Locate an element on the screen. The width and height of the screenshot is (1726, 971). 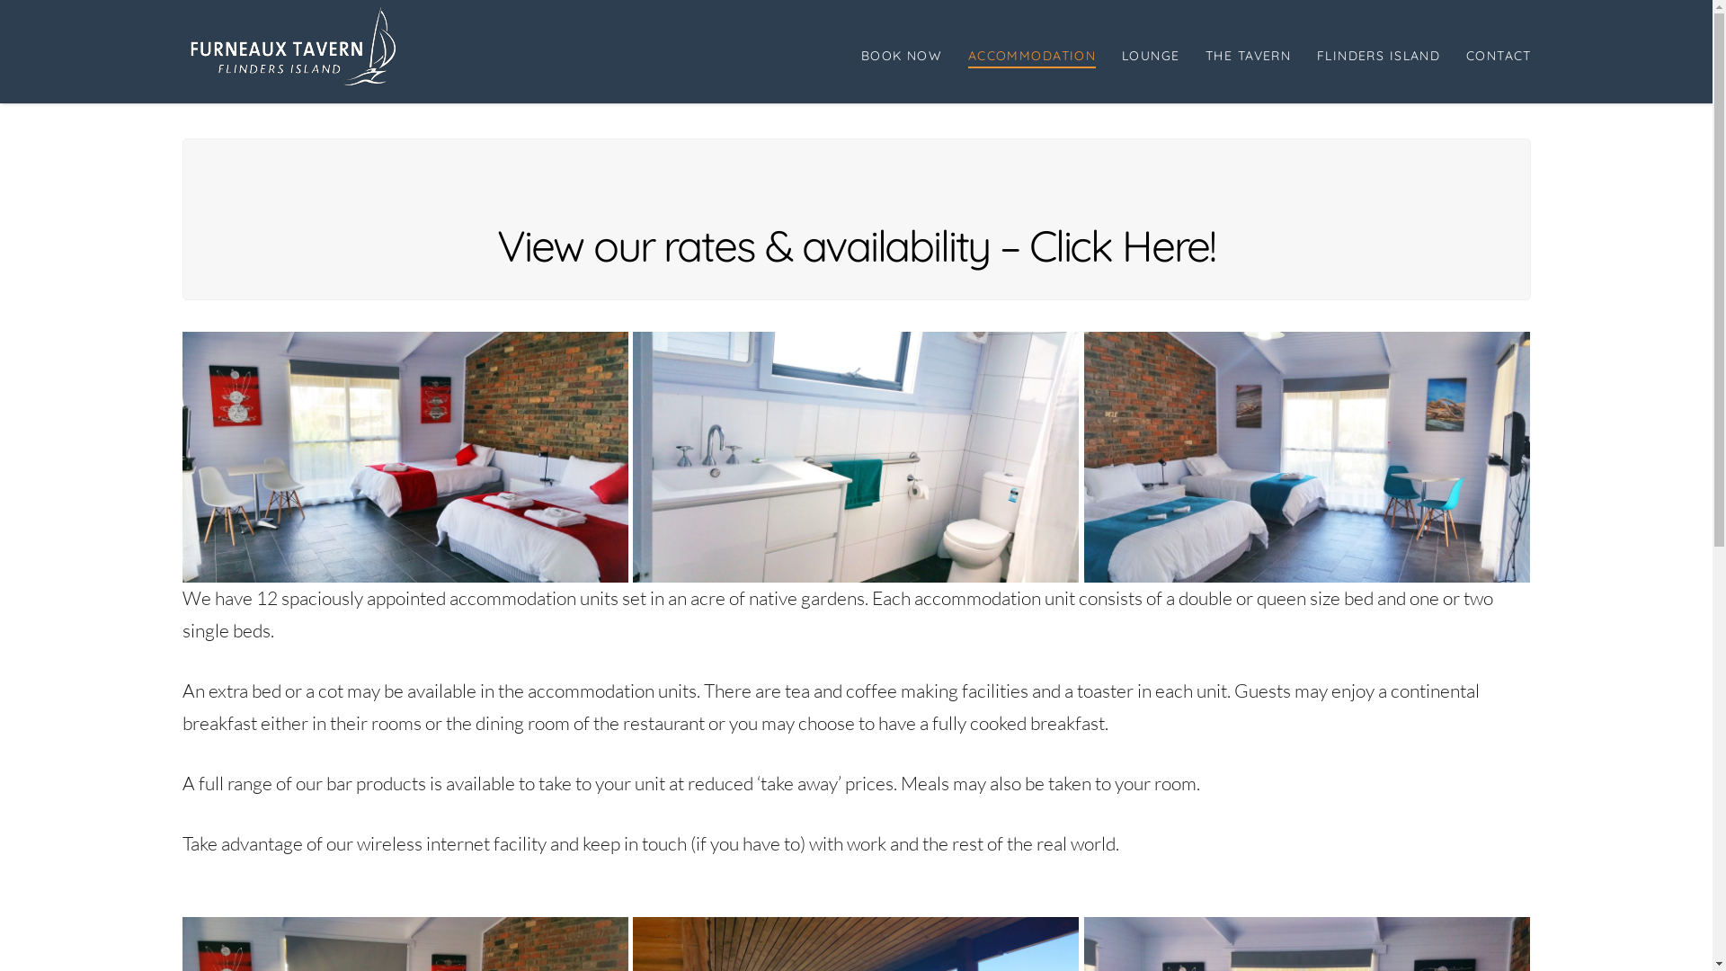
'Triple Room' is located at coordinates (404, 456).